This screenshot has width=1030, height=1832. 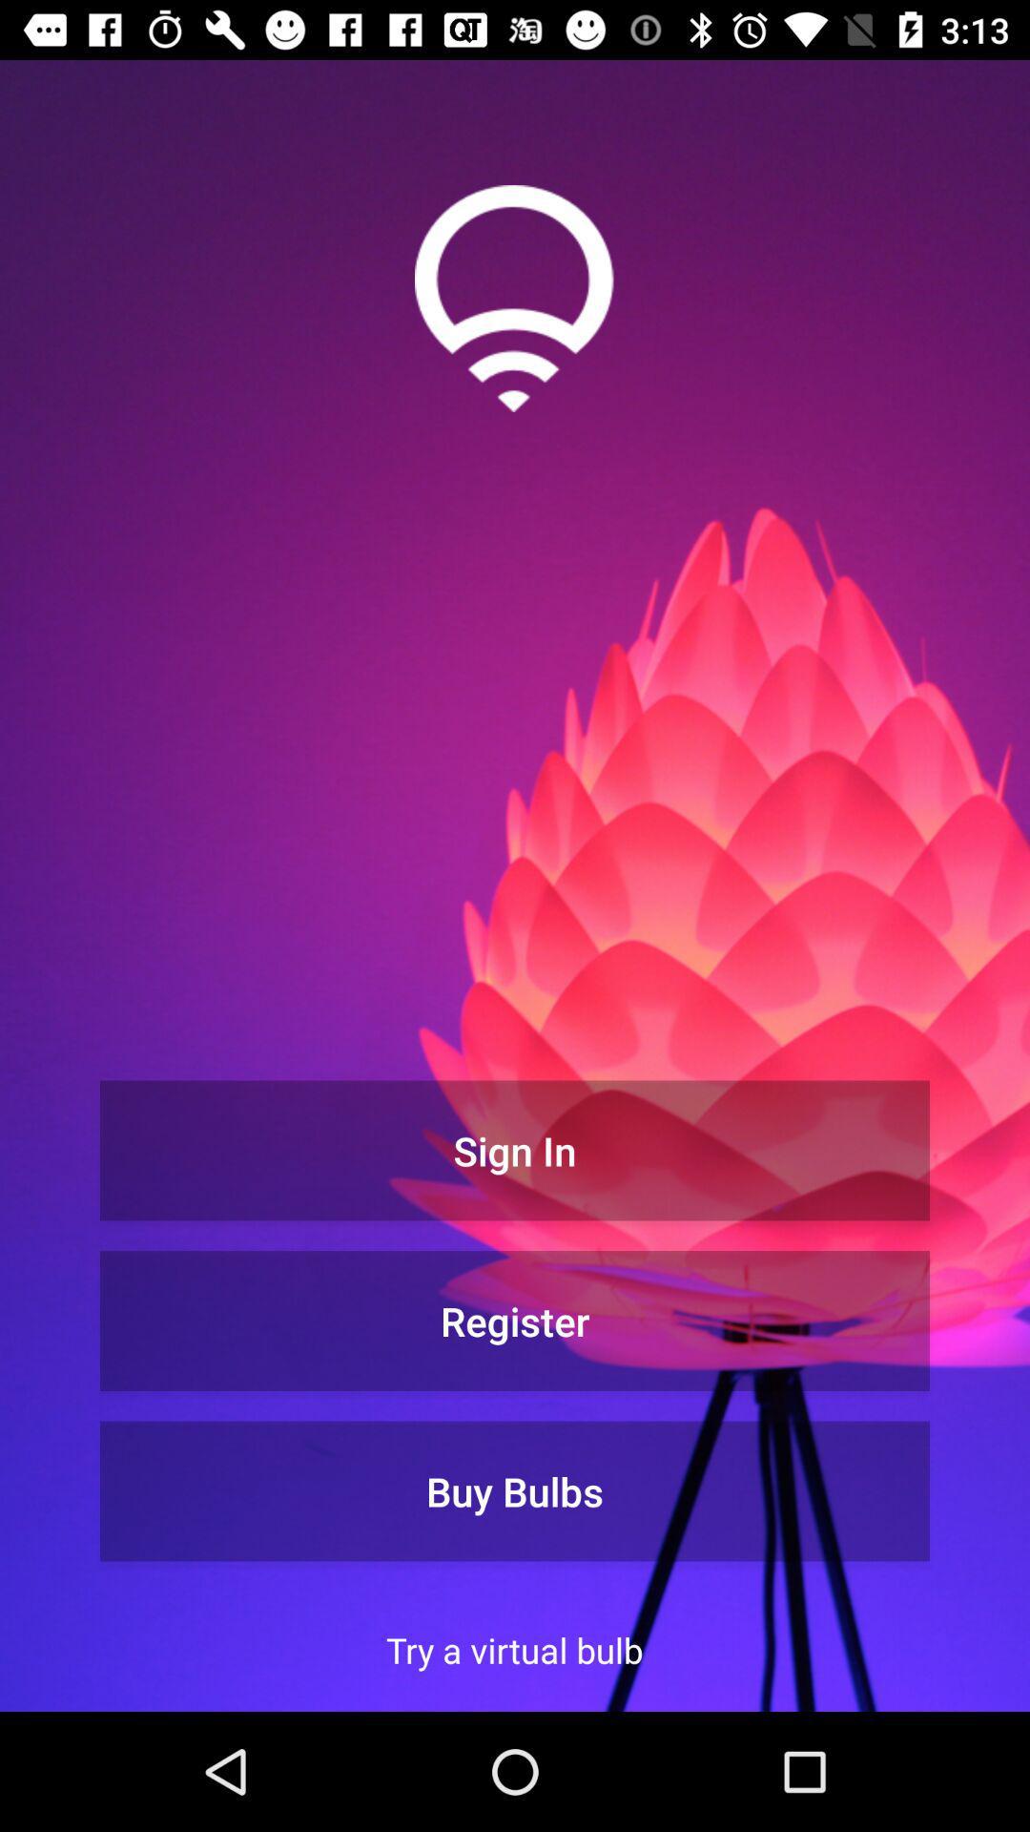 What do you see at coordinates (515, 1490) in the screenshot?
I see `buy bulbs icon` at bounding box center [515, 1490].